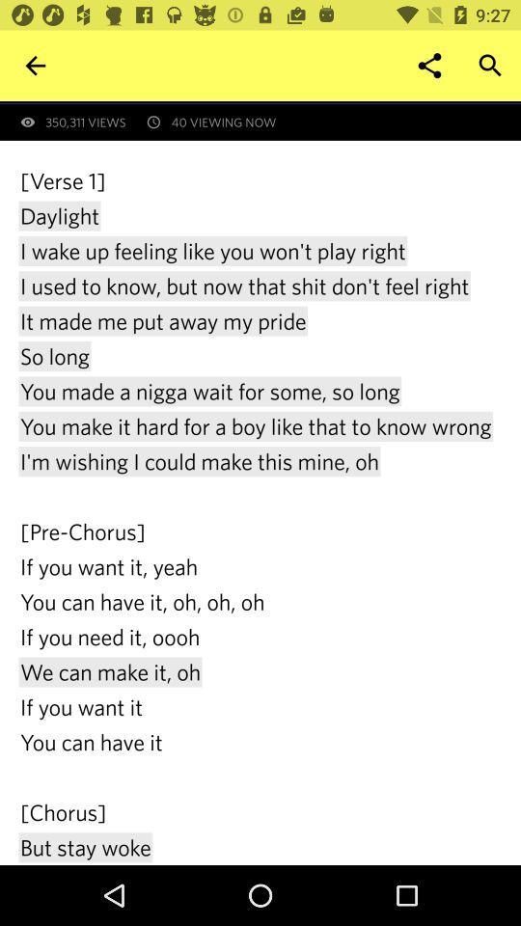 The height and width of the screenshot is (926, 521). I want to click on item above the first revealed at icon, so click(429, 66).